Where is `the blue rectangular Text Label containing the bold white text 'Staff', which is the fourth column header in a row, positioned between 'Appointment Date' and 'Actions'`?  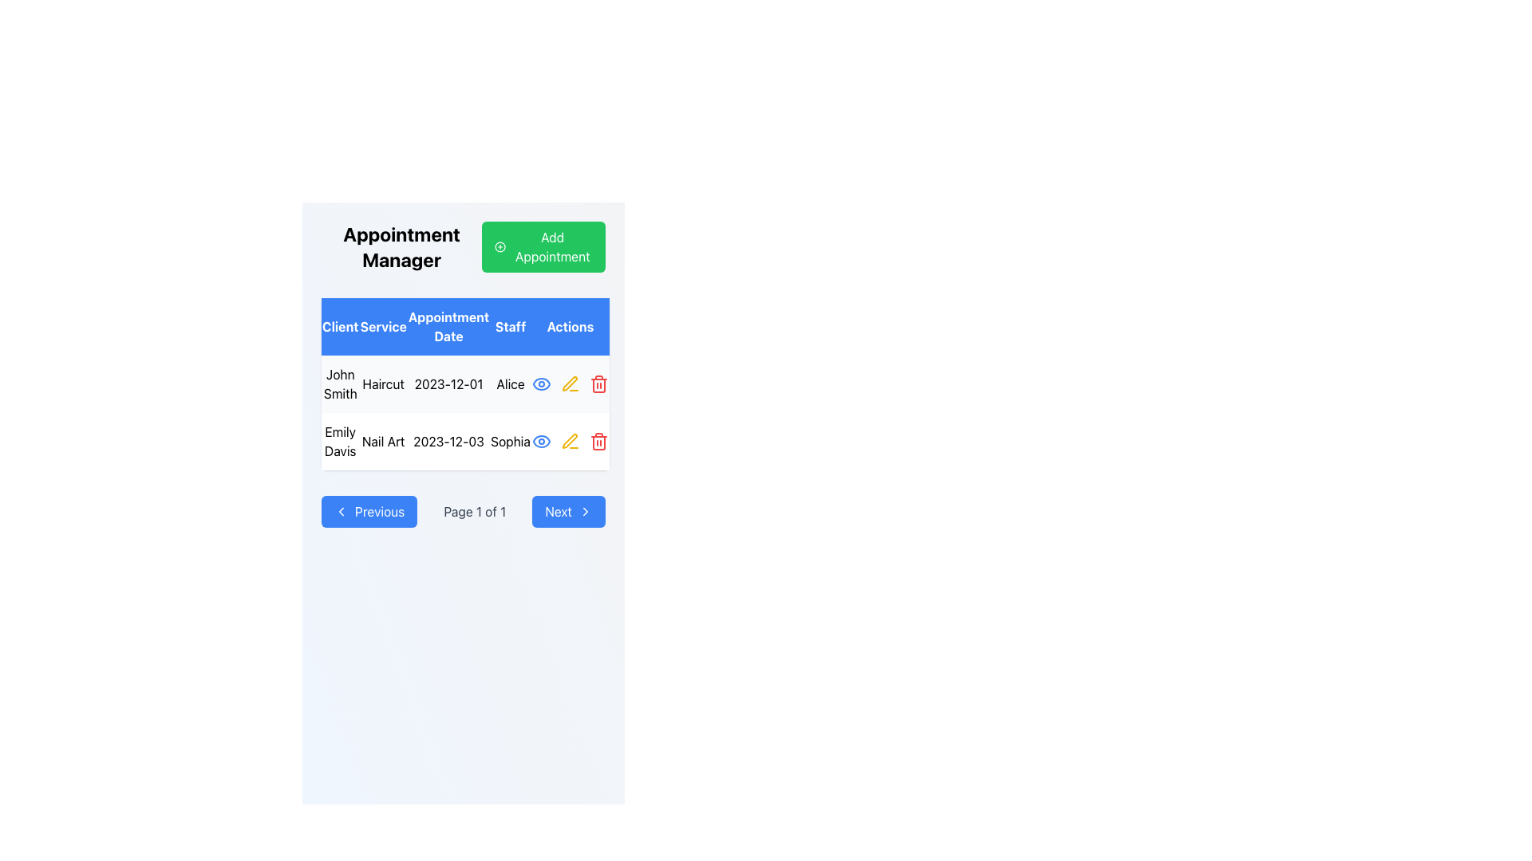
the blue rectangular Text Label containing the bold white text 'Staff', which is the fourth column header in a row, positioned between 'Appointment Date' and 'Actions' is located at coordinates (511, 325).